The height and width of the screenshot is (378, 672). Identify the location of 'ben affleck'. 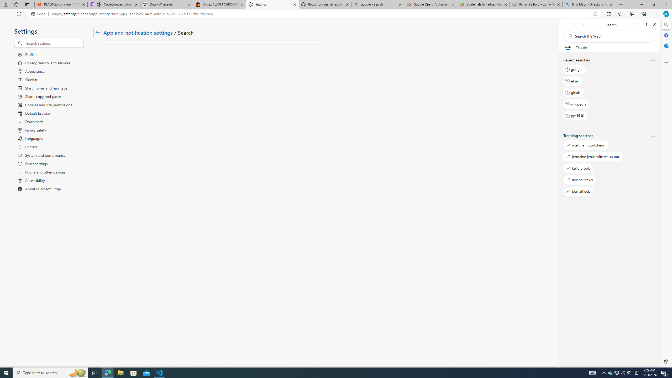
(578, 191).